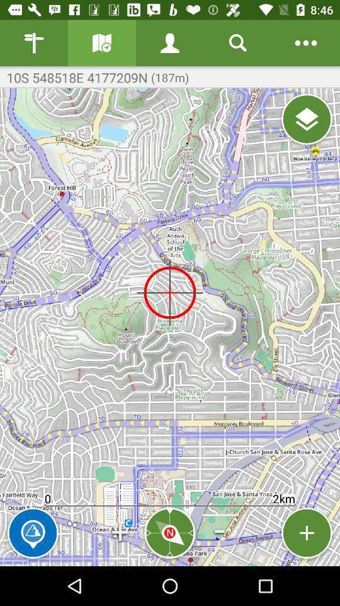 Image resolution: width=340 pixels, height=606 pixels. Describe the element at coordinates (238, 43) in the screenshot. I see `search` at that location.